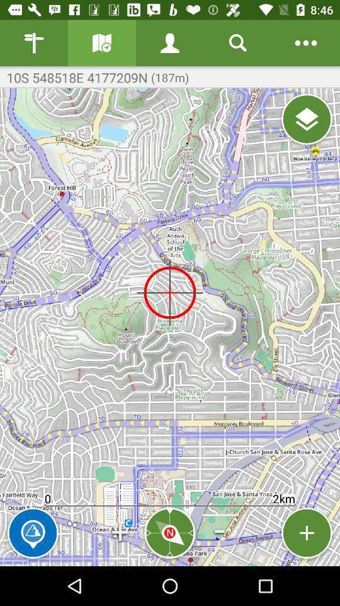 Image resolution: width=340 pixels, height=606 pixels. Describe the element at coordinates (238, 43) in the screenshot. I see `search` at that location.